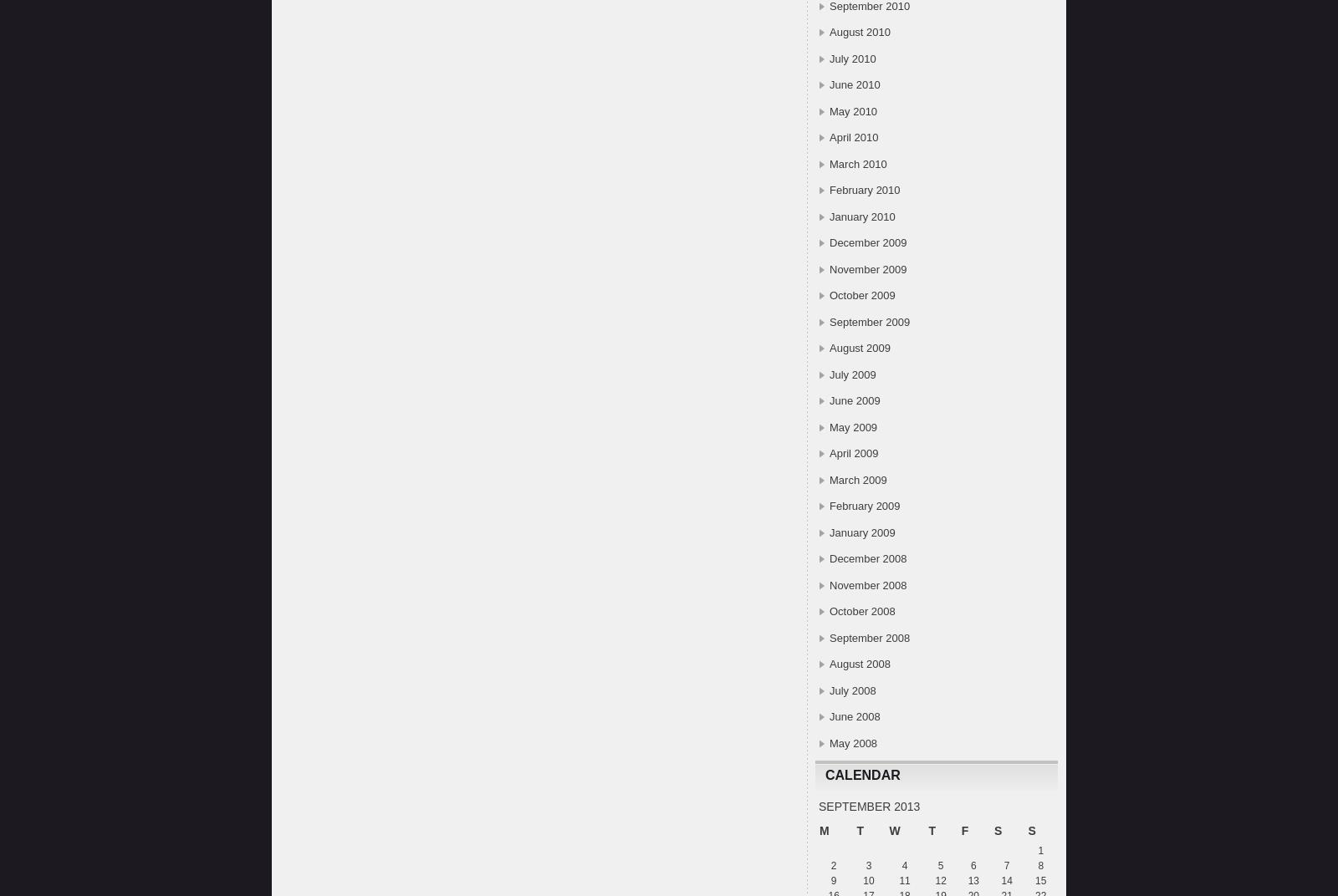 The image size is (1338, 896). Describe the element at coordinates (870, 321) in the screenshot. I see `'September 2009'` at that location.